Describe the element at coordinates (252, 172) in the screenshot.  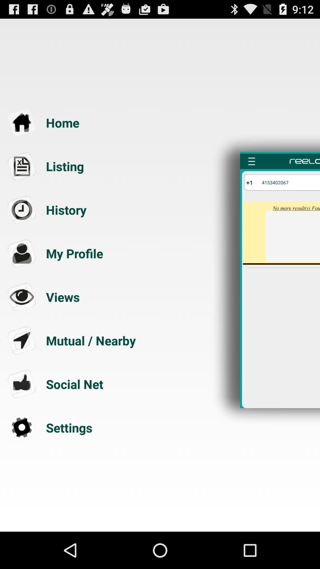
I see `the menu icon` at that location.